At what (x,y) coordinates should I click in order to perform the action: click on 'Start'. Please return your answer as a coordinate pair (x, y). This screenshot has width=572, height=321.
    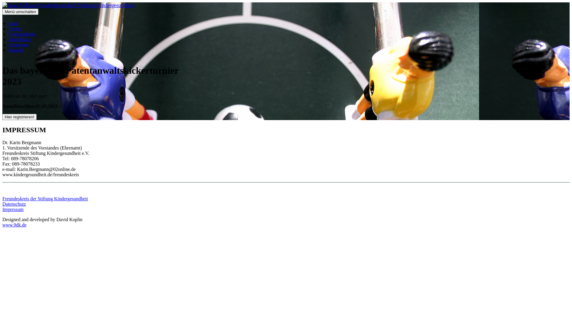
    Looking at the image, I should click on (13, 23).